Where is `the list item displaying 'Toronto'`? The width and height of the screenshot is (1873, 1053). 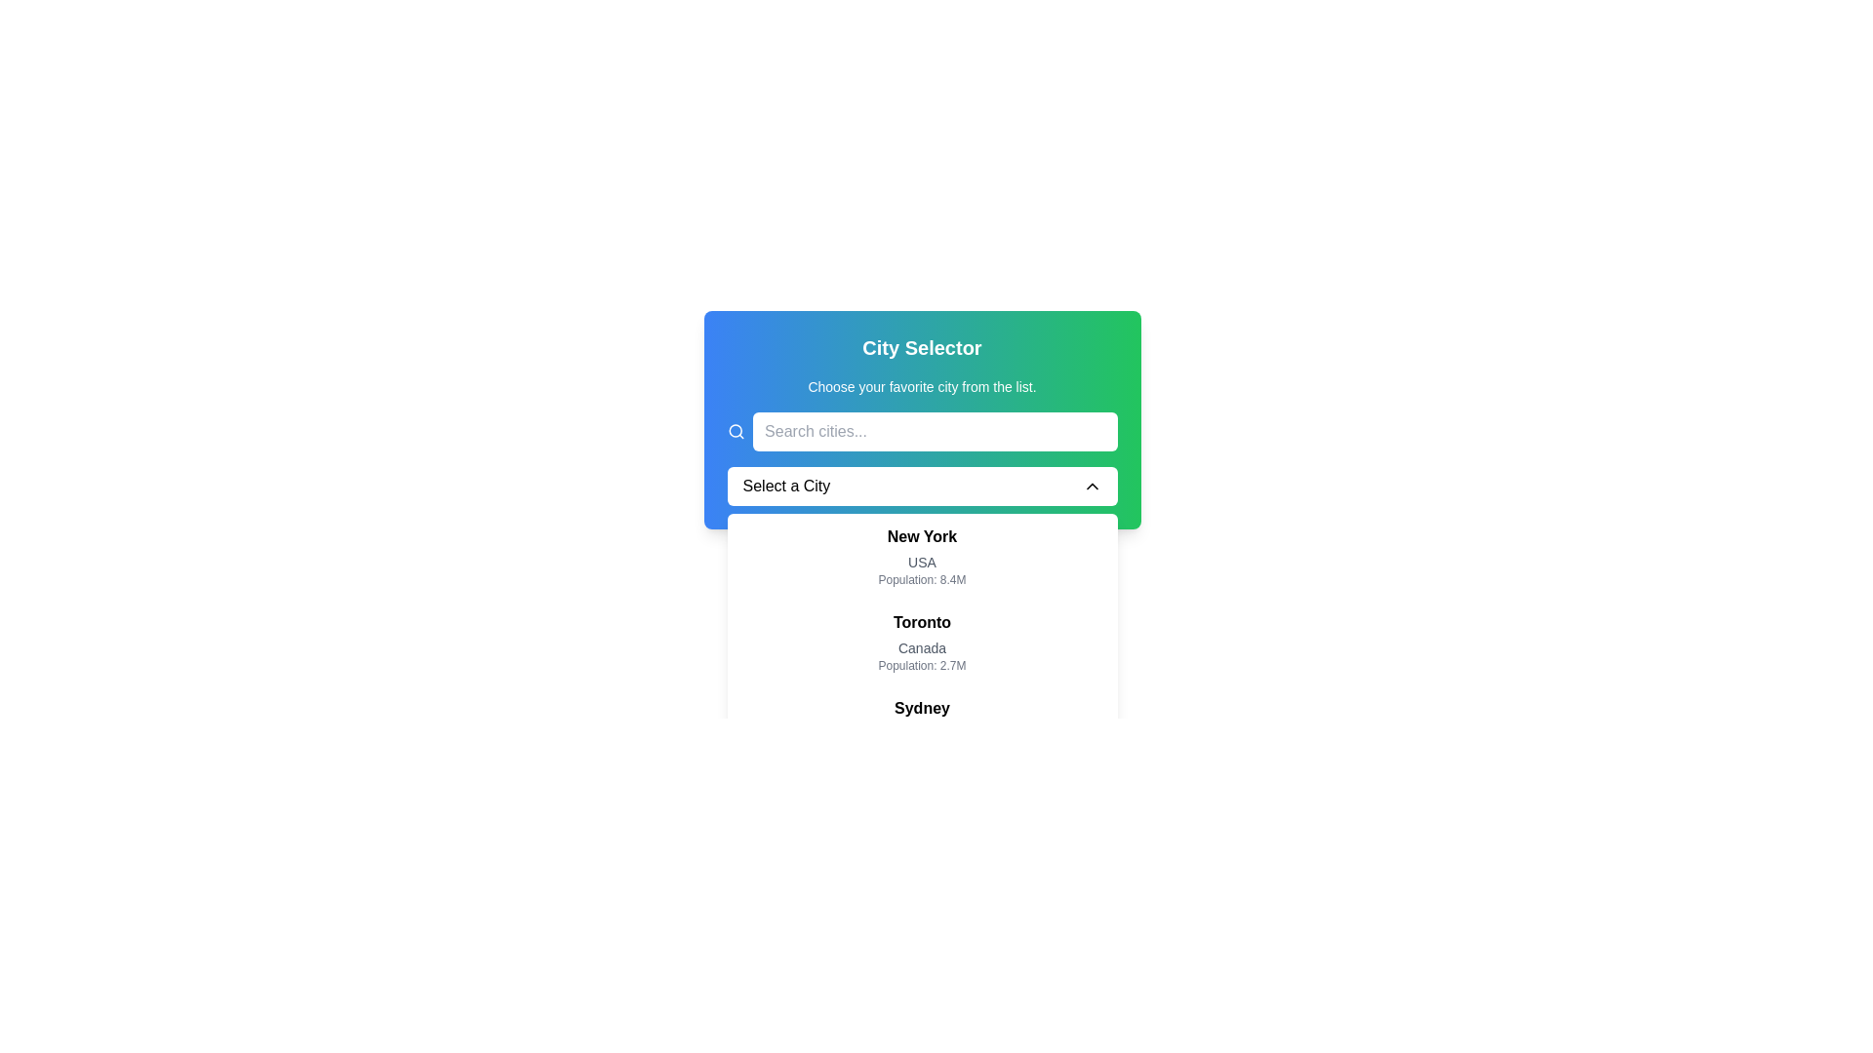
the list item displaying 'Toronto' is located at coordinates (921, 643).